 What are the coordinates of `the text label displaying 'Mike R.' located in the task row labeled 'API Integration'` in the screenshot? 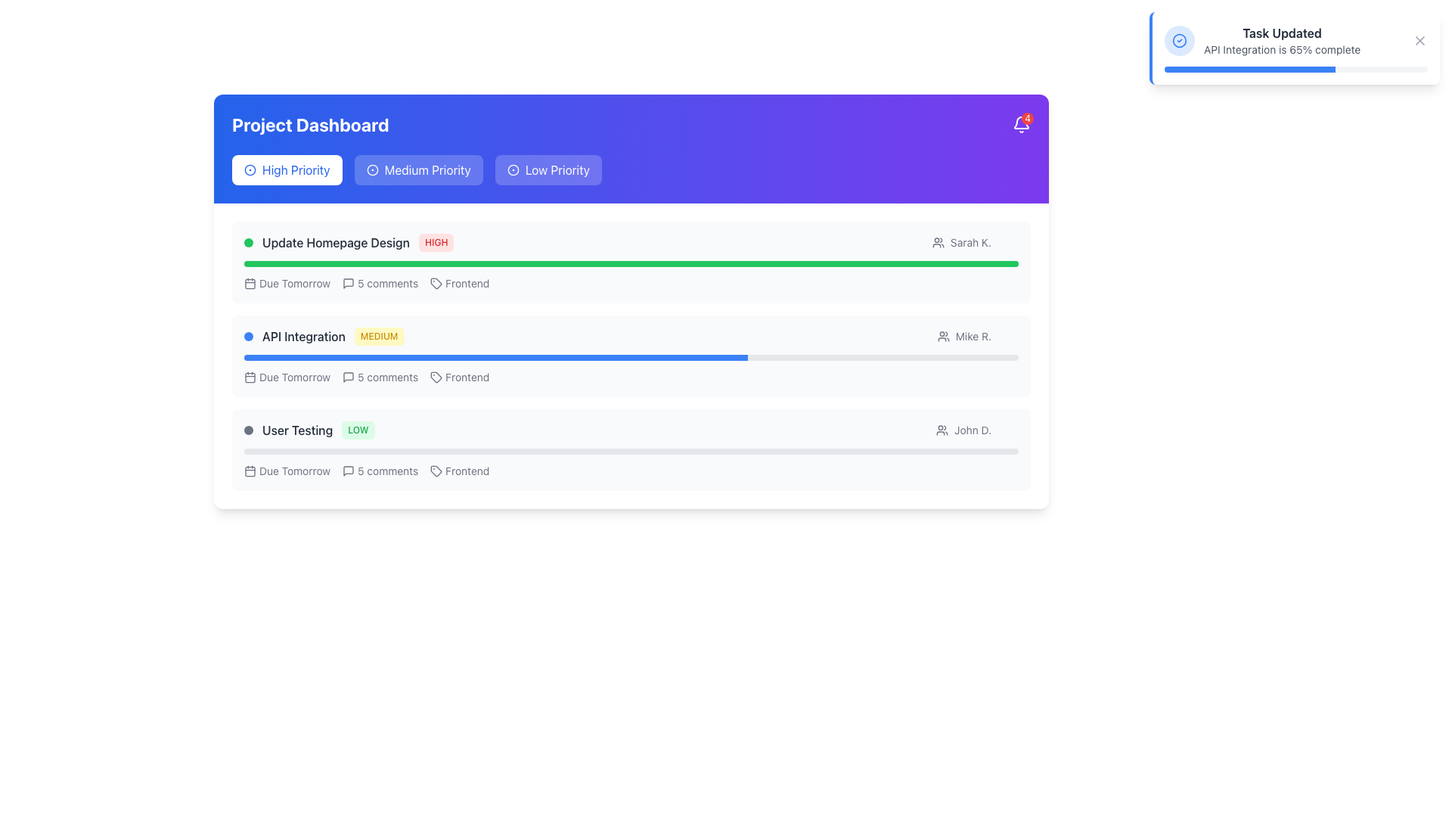 It's located at (973, 335).